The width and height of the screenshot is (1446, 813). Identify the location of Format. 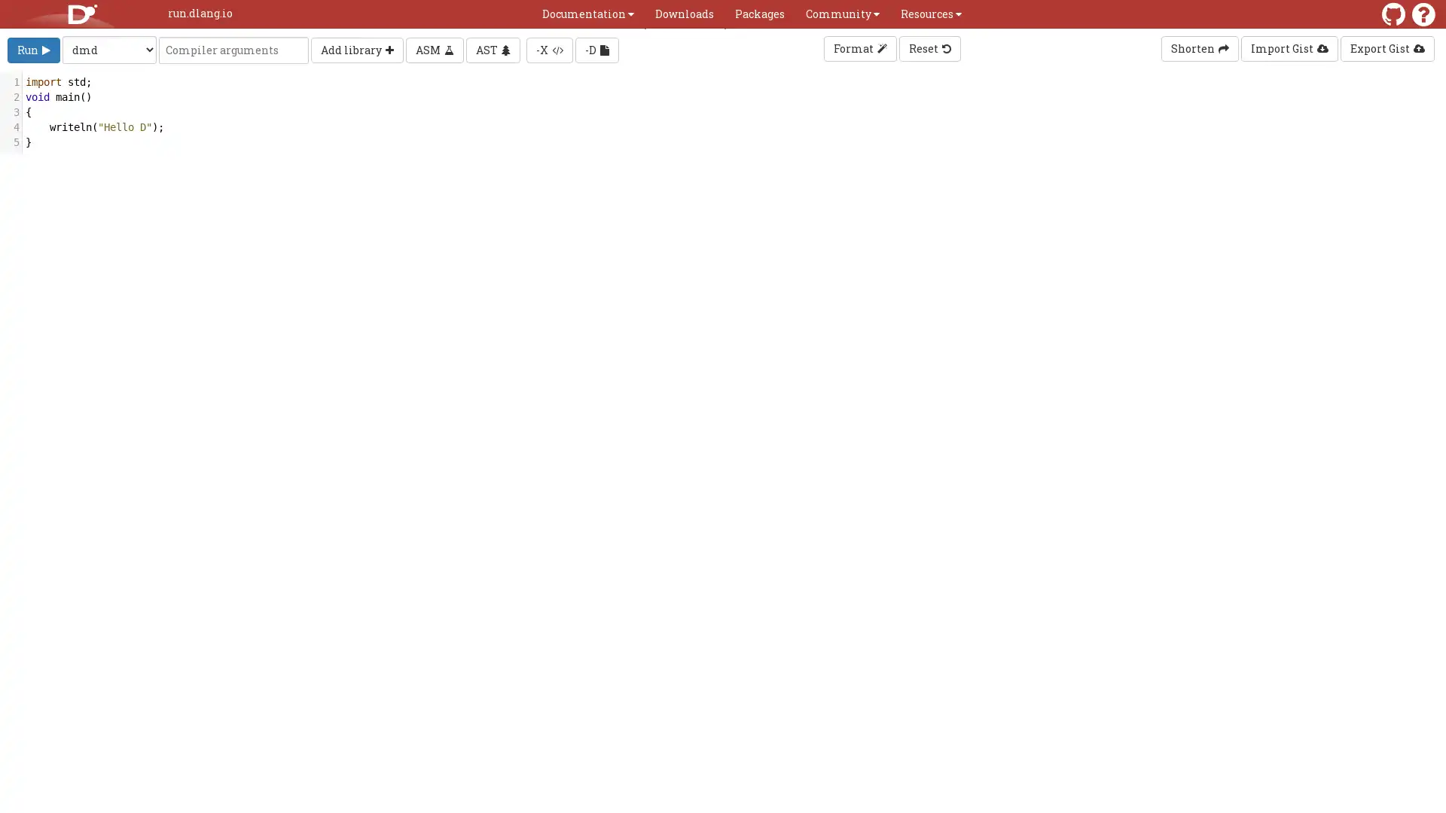
(859, 48).